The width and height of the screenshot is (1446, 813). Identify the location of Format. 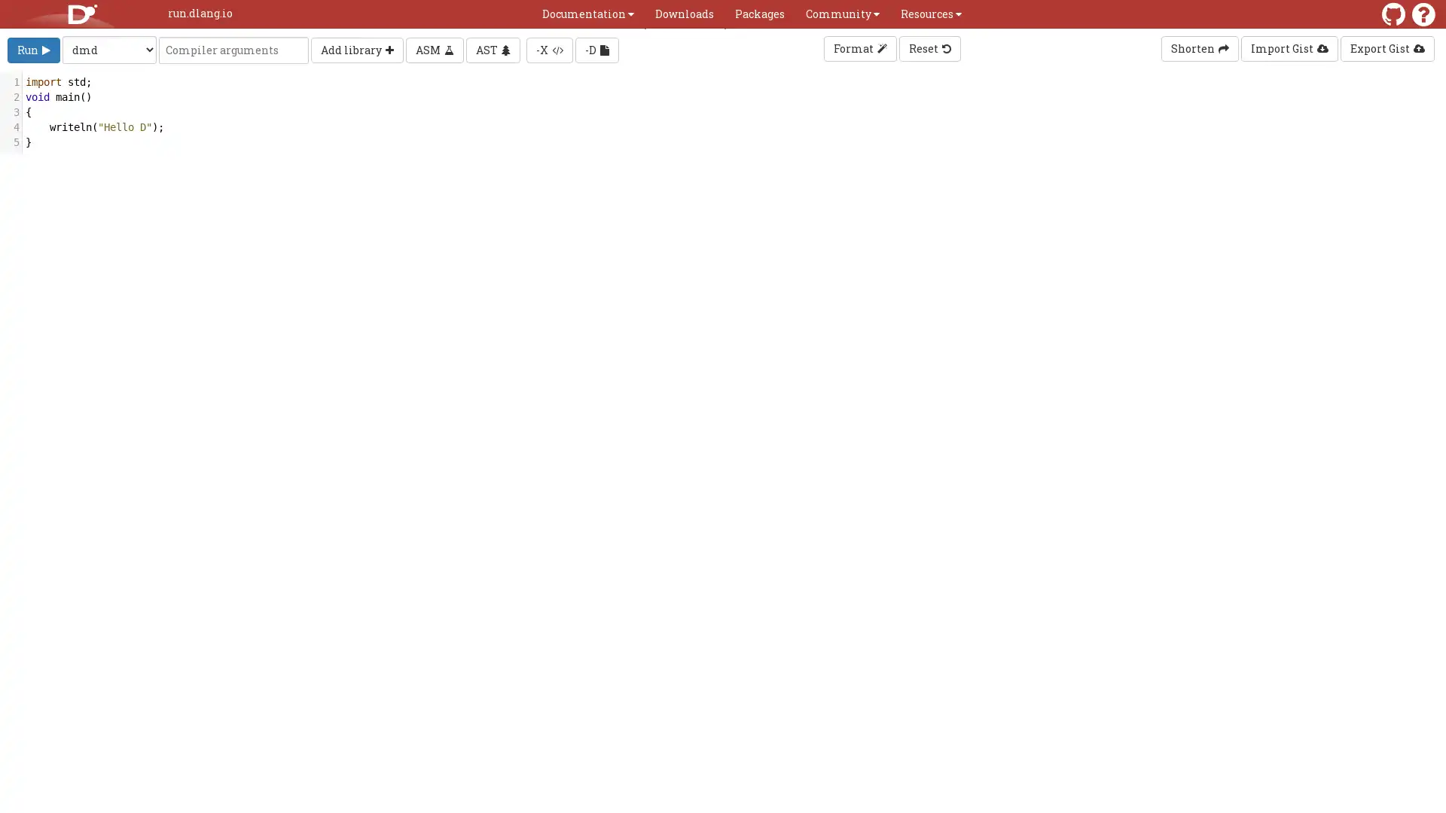
(859, 48).